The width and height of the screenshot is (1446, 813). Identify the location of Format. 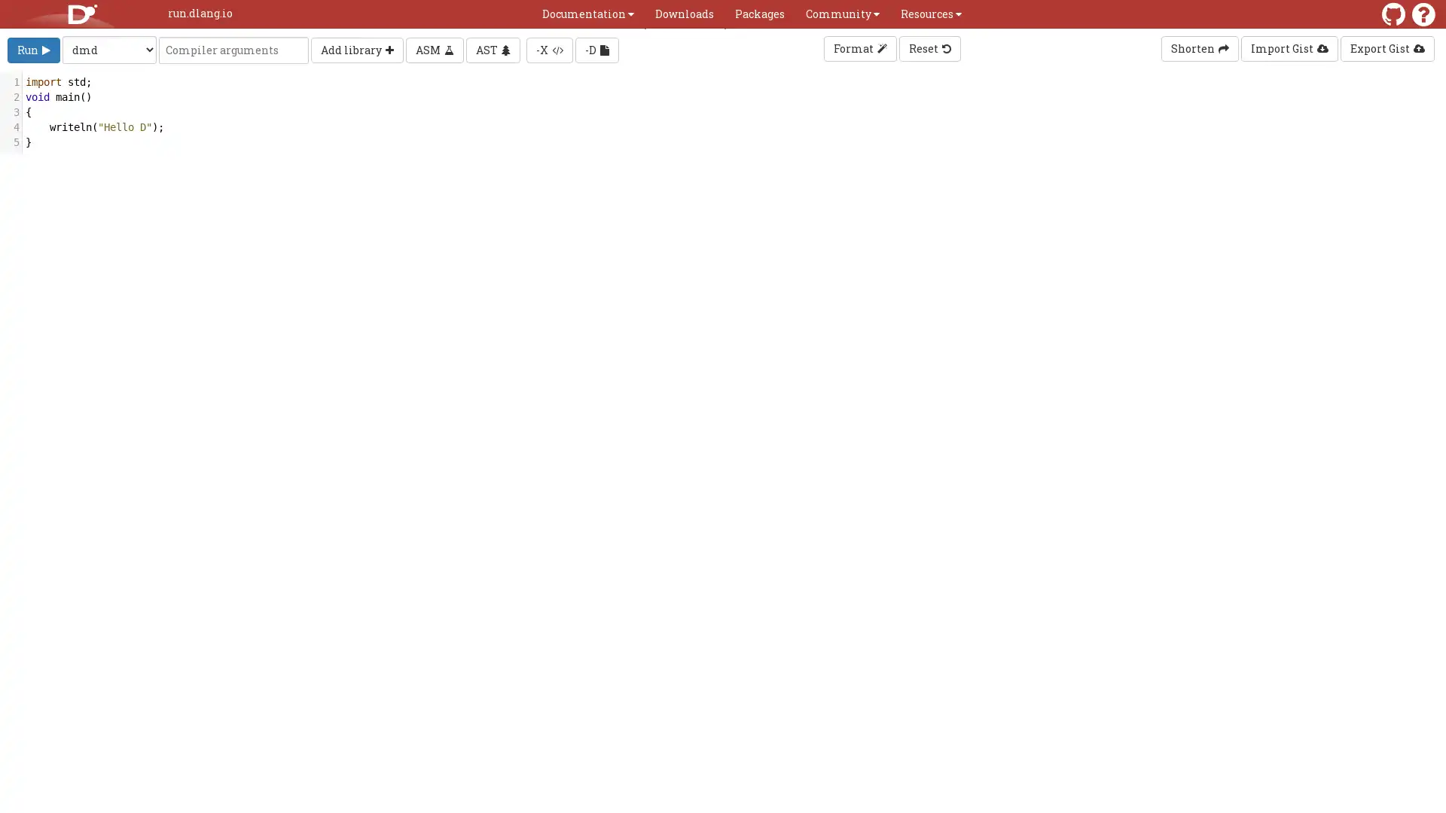
(859, 48).